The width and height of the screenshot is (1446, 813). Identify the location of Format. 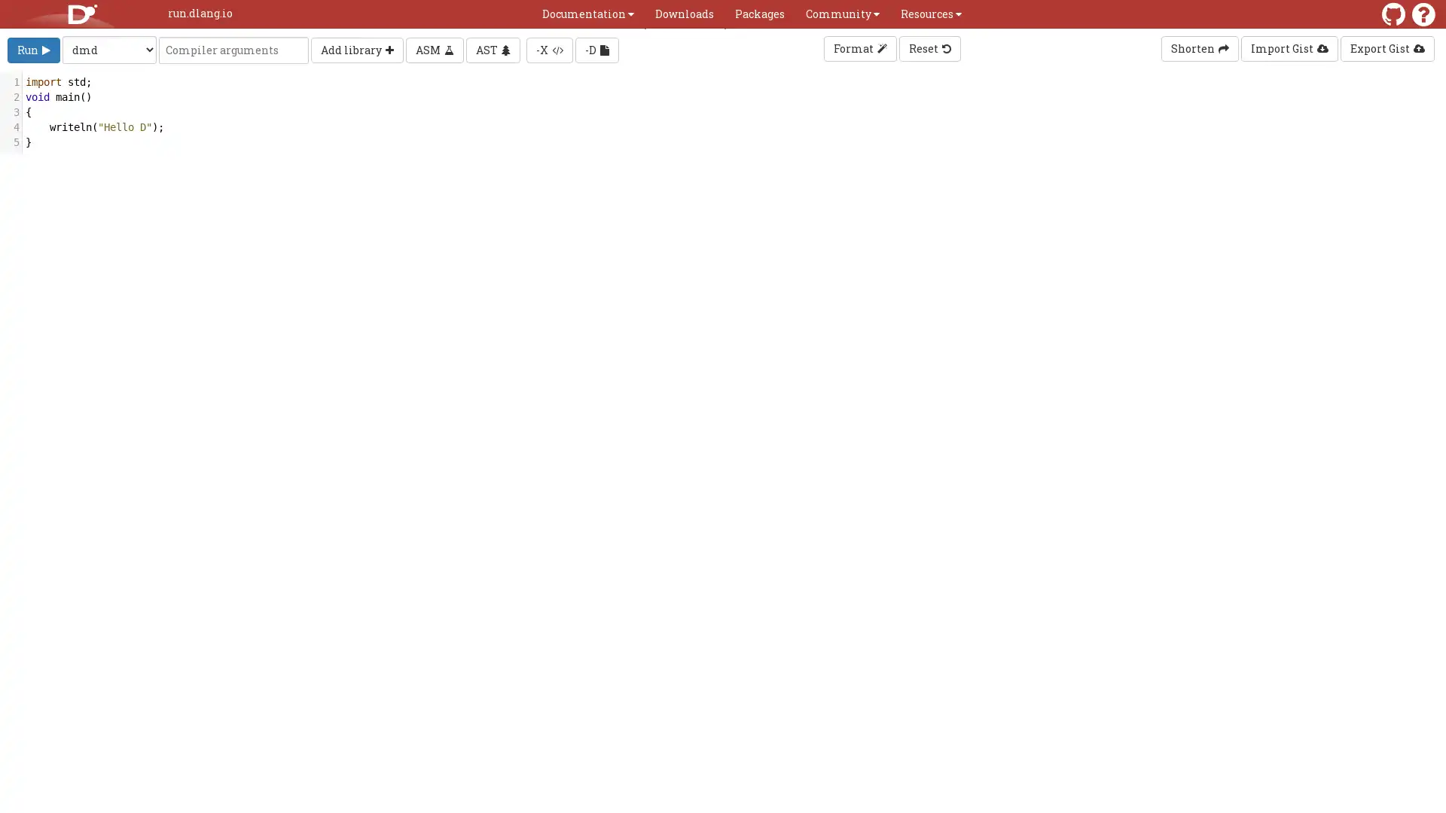
(859, 48).